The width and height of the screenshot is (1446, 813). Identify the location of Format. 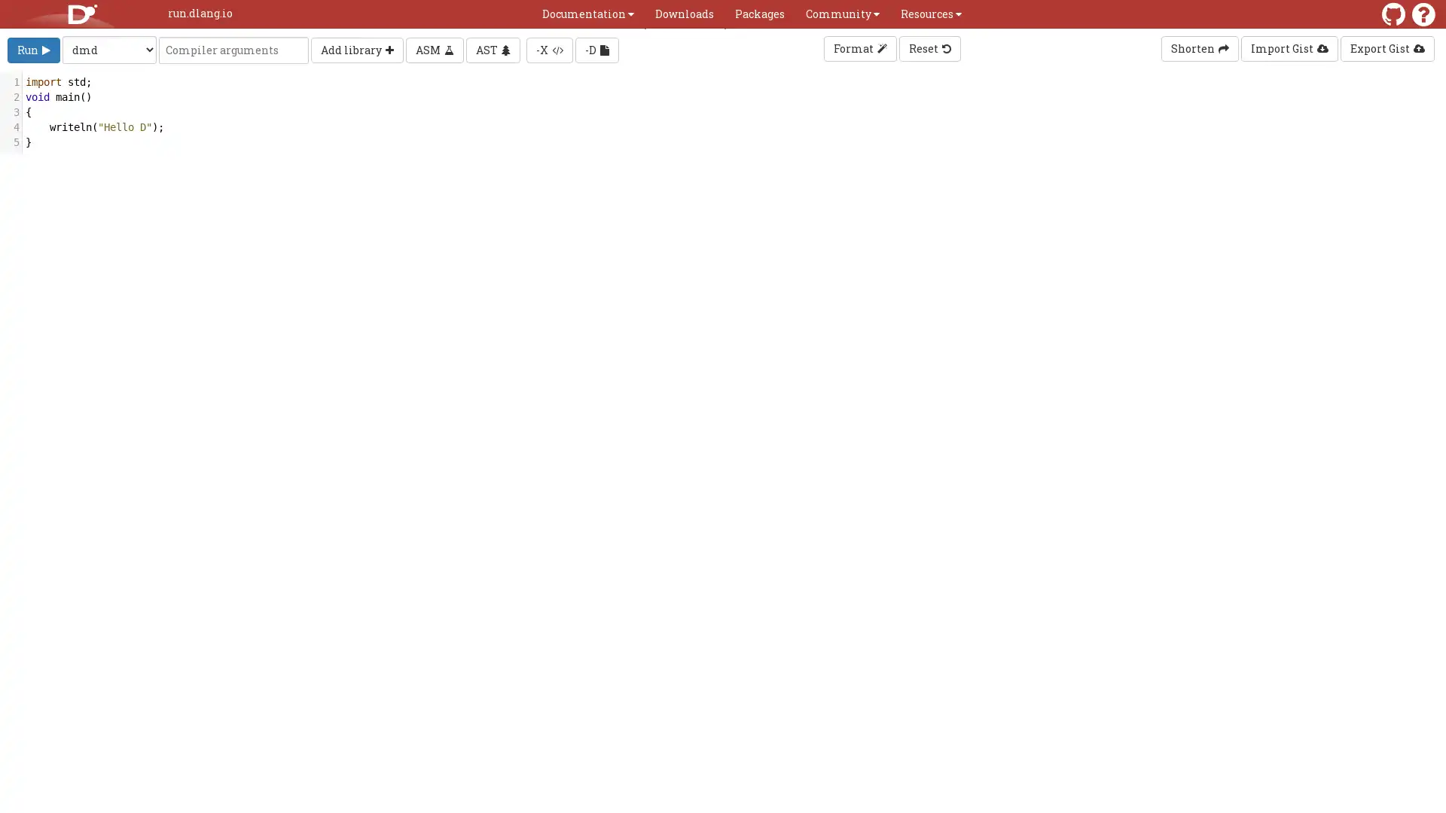
(859, 48).